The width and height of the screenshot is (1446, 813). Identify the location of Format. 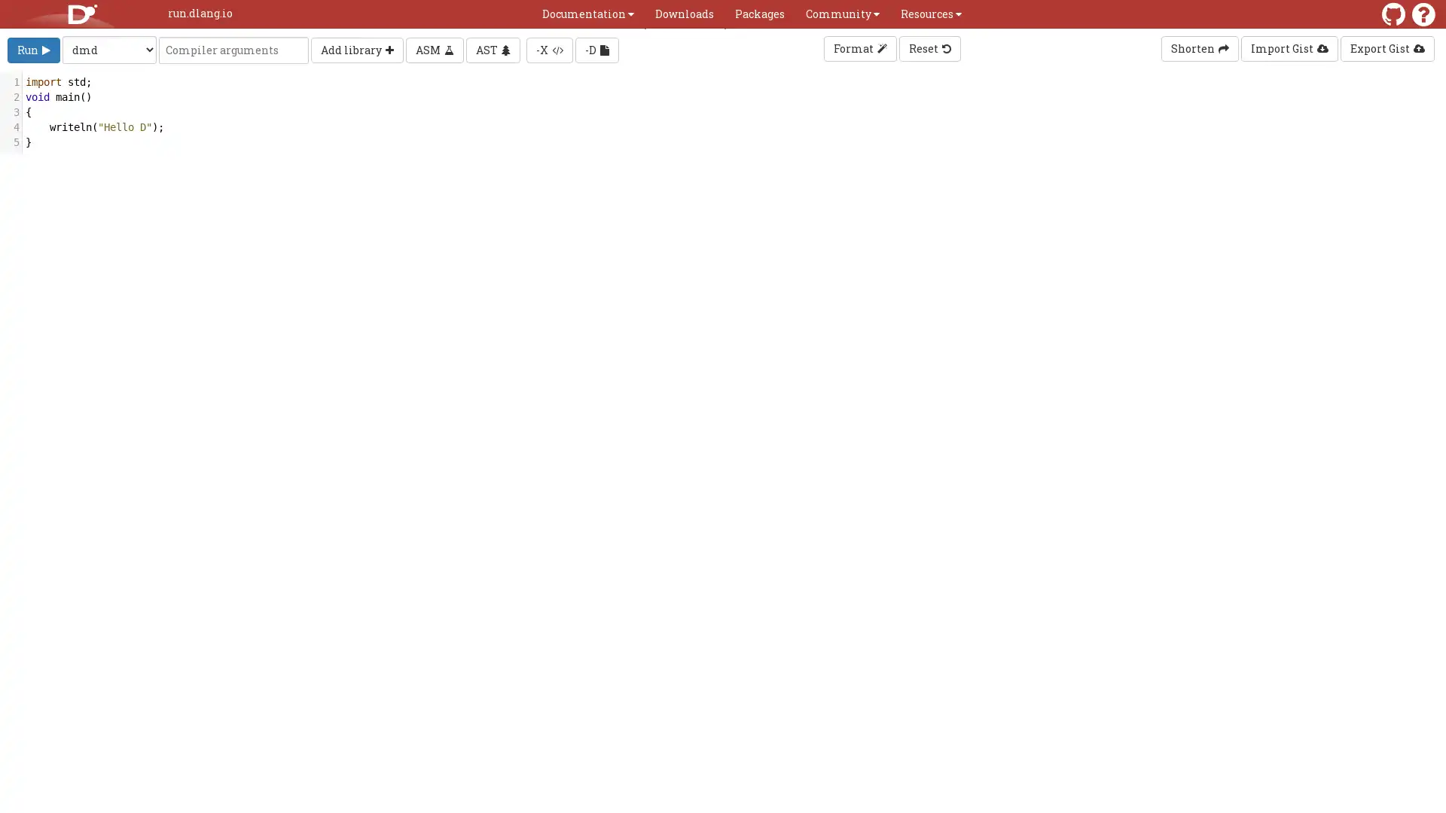
(859, 48).